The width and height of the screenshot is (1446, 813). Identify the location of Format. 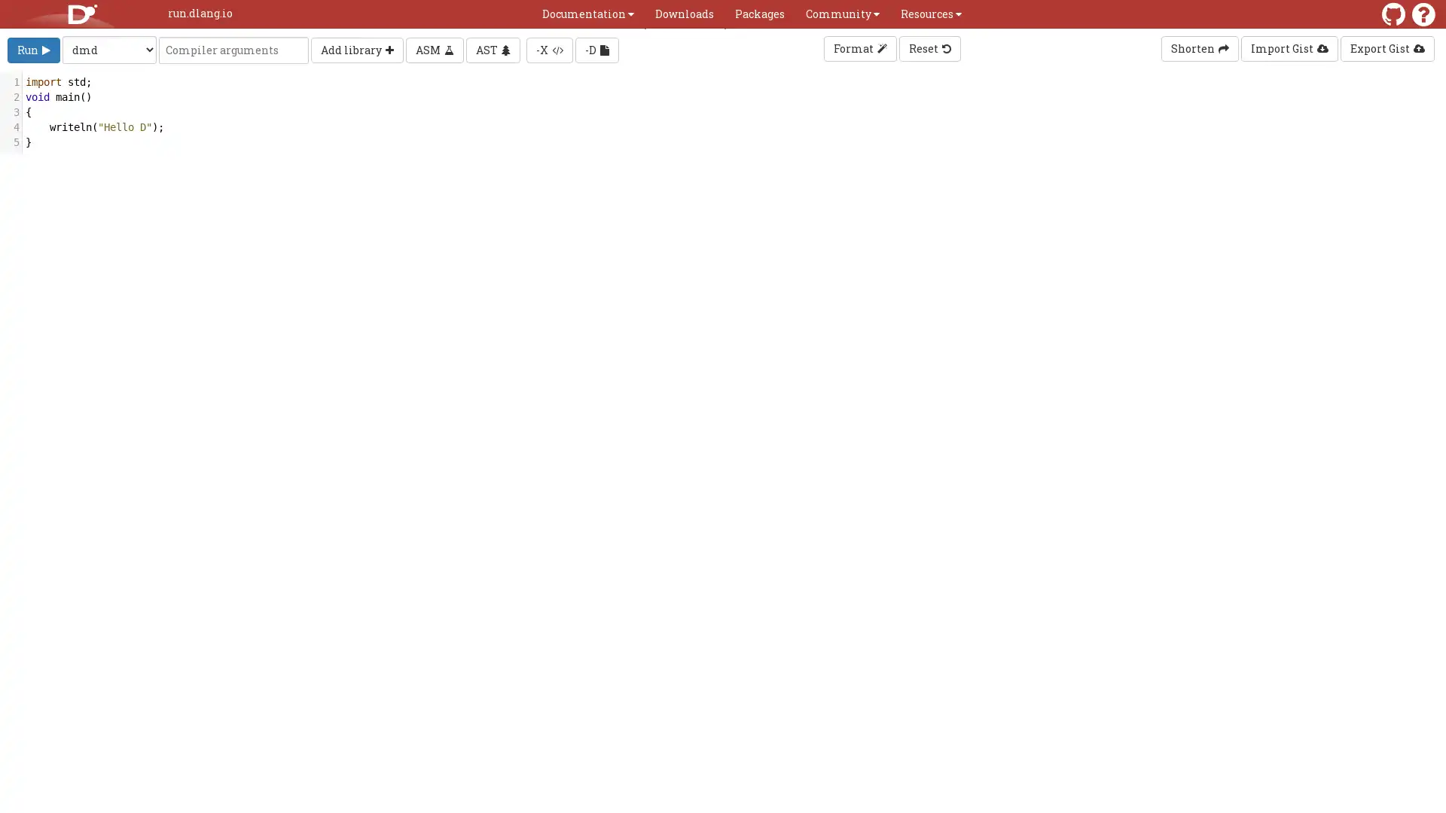
(859, 48).